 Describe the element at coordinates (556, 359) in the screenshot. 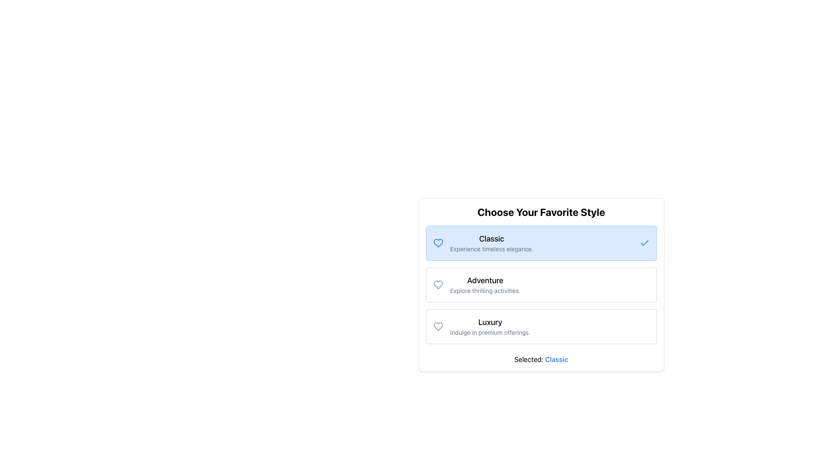

I see `the static text label displaying 'Classic', which is the last word in the 'Selected: Classic' text at the bottom of the selection interface` at that location.